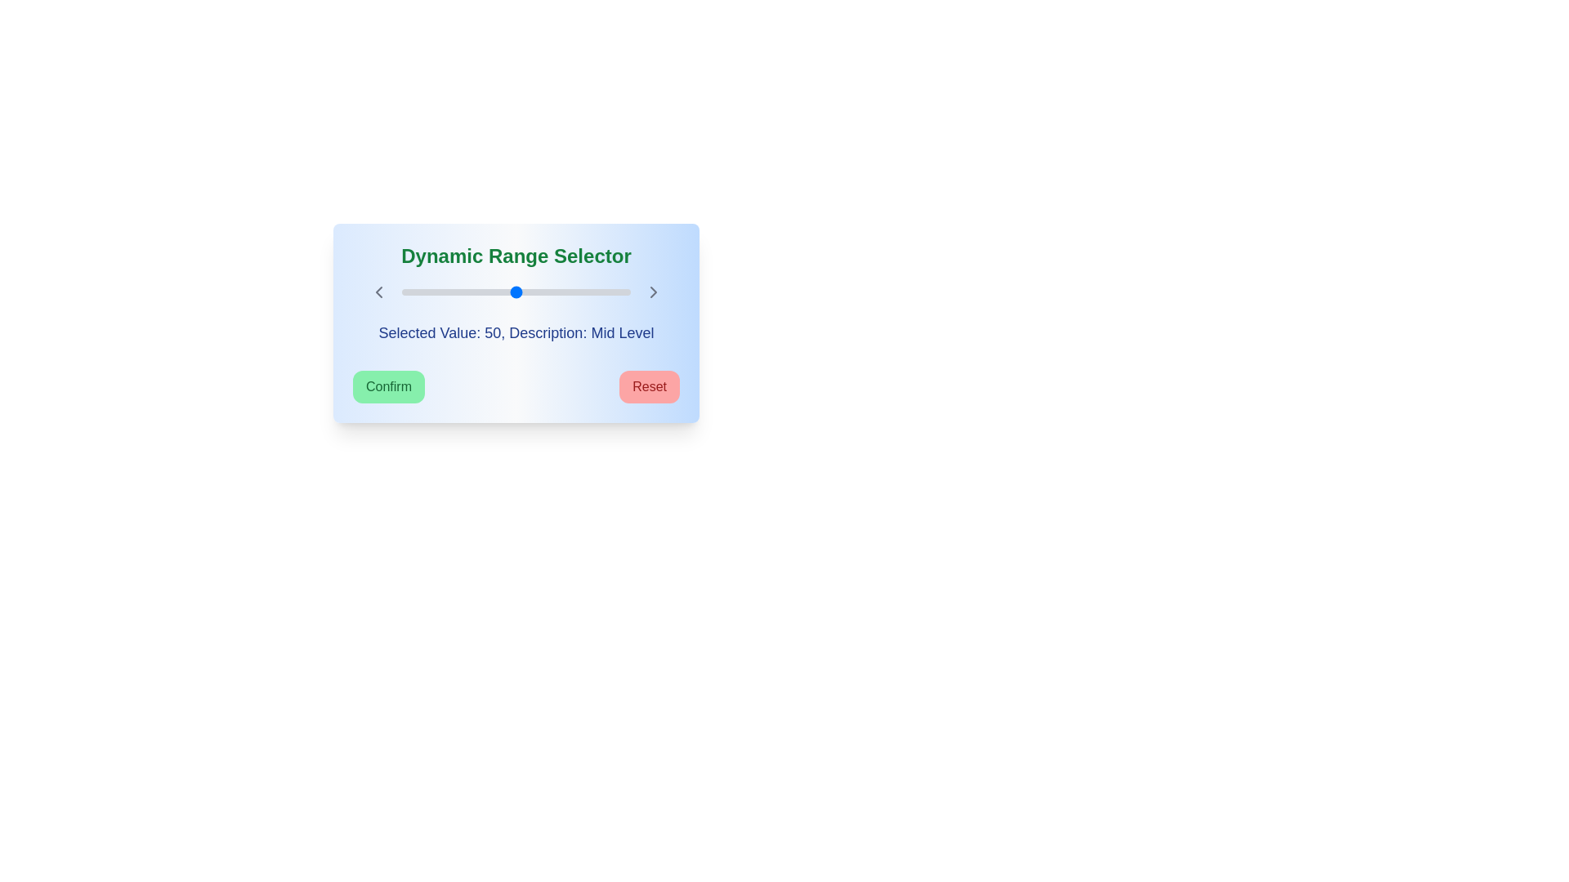 Image resolution: width=1569 pixels, height=882 pixels. I want to click on the reset button located on the right side of the 'Confirm' button in the dynamic range selector interface, so click(649, 387).